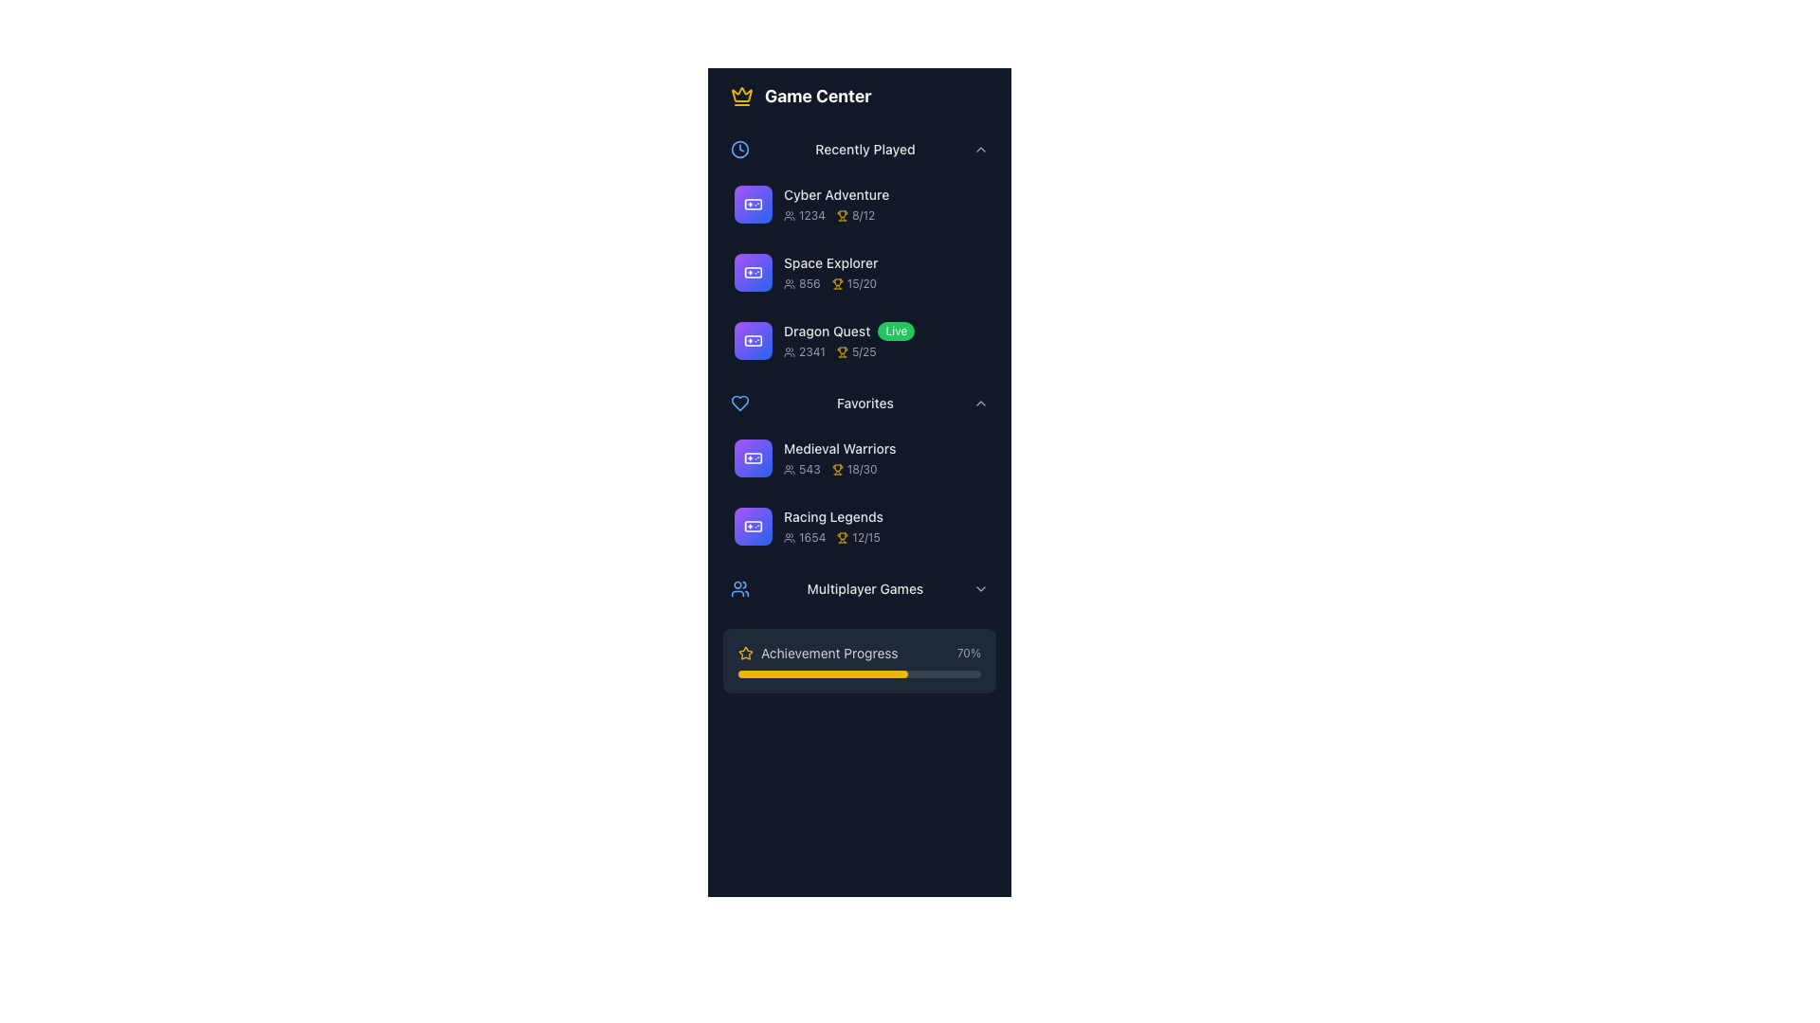  Describe the element at coordinates (753, 526) in the screenshot. I see `the 'Racing Legends' icon button located as the fourth item in the 'Favorites' section` at that location.